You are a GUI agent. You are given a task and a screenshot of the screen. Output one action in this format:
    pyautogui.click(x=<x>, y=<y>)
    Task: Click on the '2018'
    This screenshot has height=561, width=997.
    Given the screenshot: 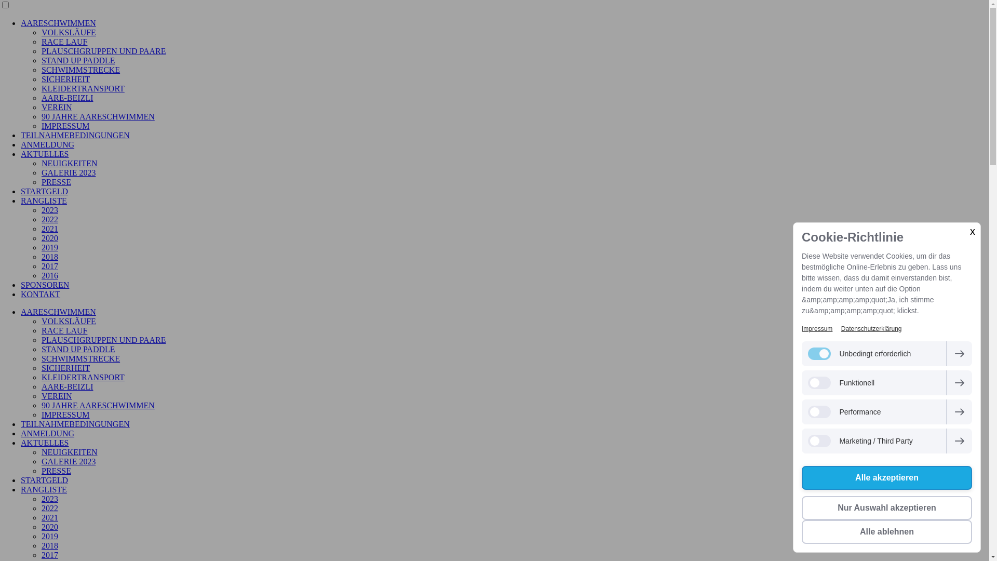 What is the action you would take?
    pyautogui.click(x=49, y=257)
    